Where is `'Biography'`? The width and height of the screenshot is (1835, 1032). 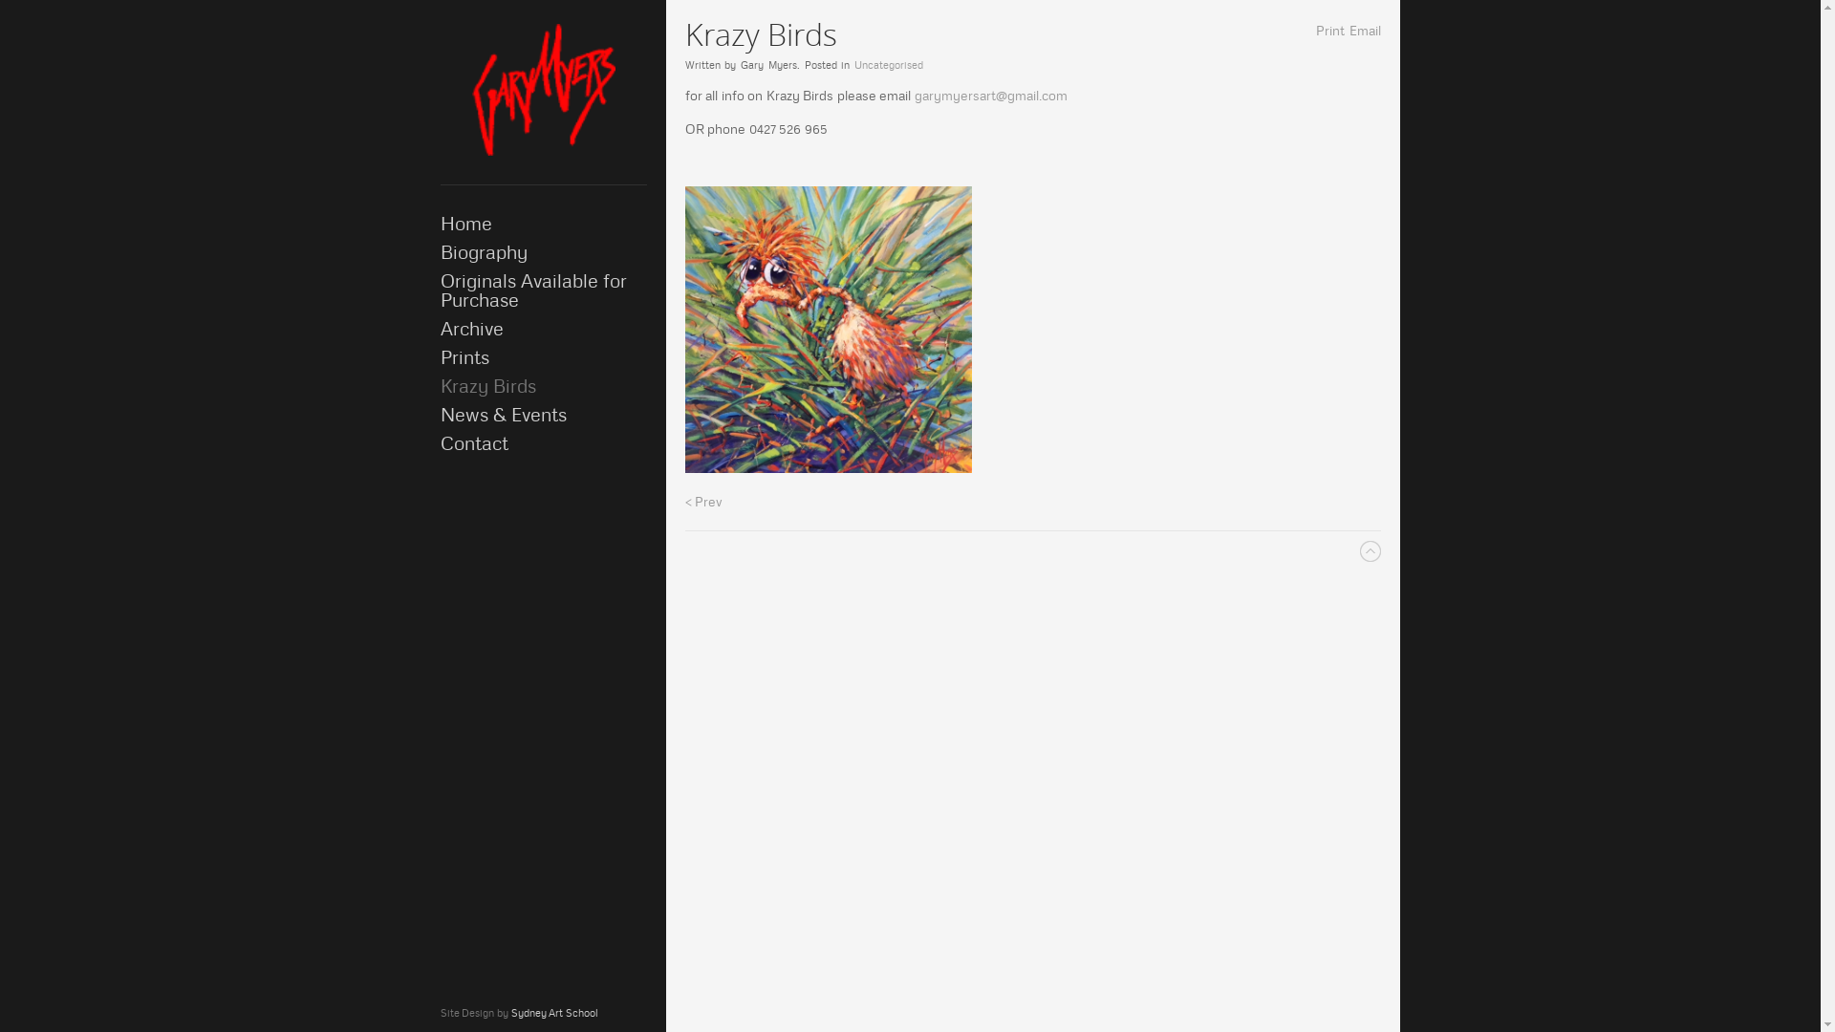
'Biography' is located at coordinates (541, 250).